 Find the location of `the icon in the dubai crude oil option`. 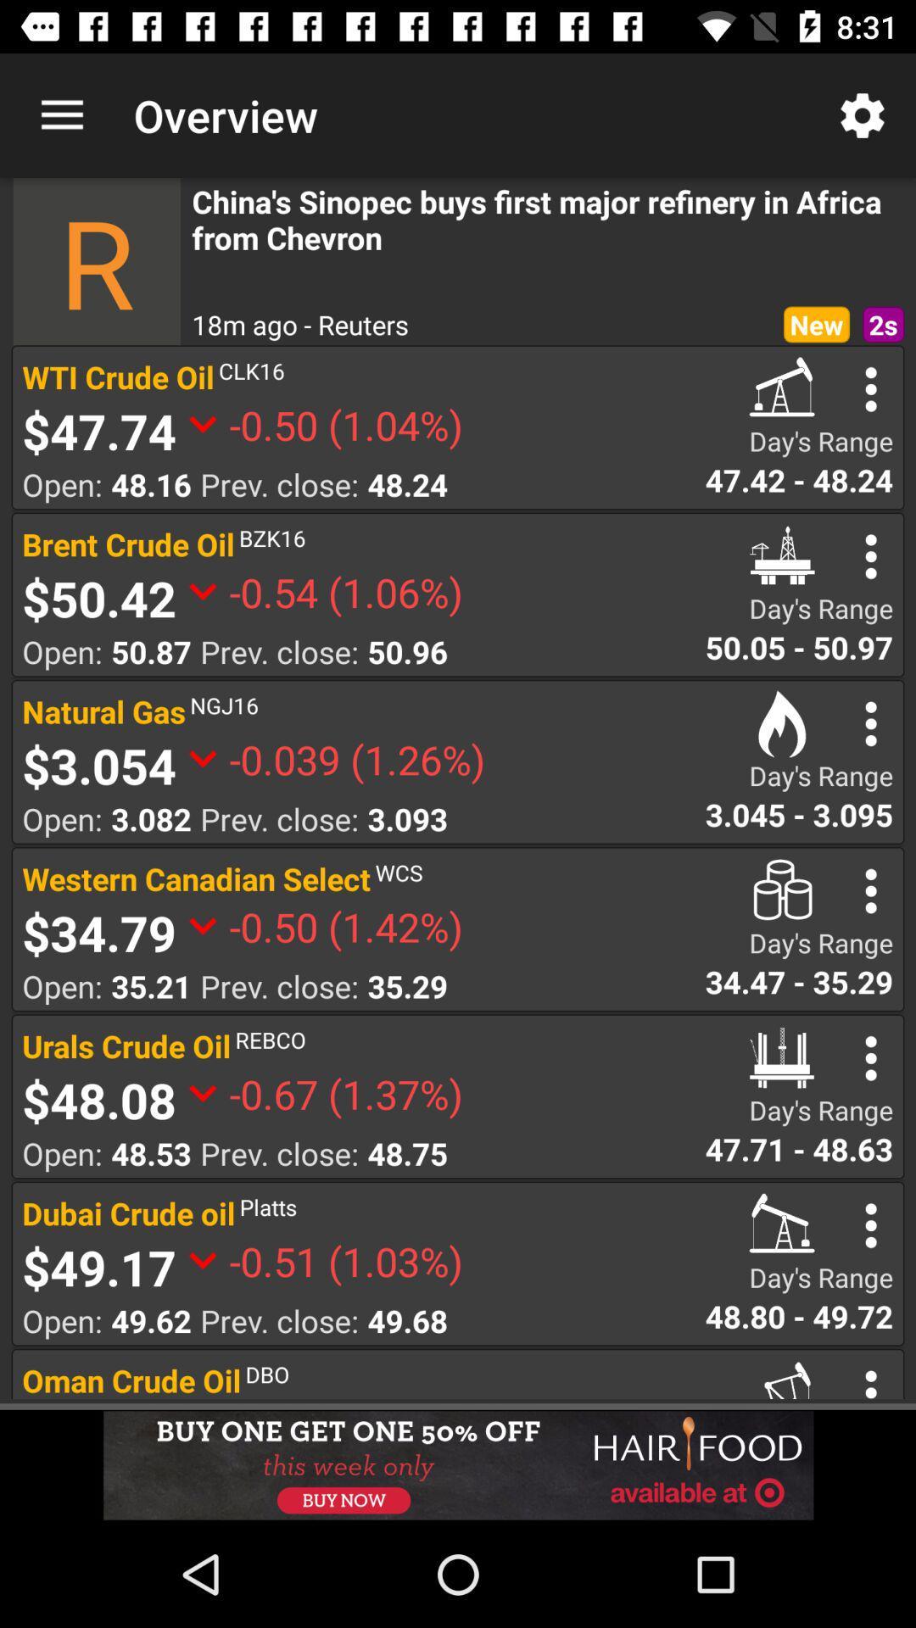

the icon in the dubai crude oil option is located at coordinates (782, 1225).